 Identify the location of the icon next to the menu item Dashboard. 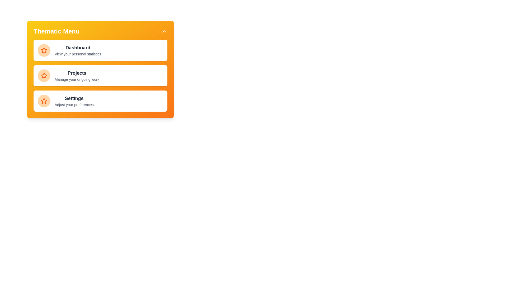
(44, 50).